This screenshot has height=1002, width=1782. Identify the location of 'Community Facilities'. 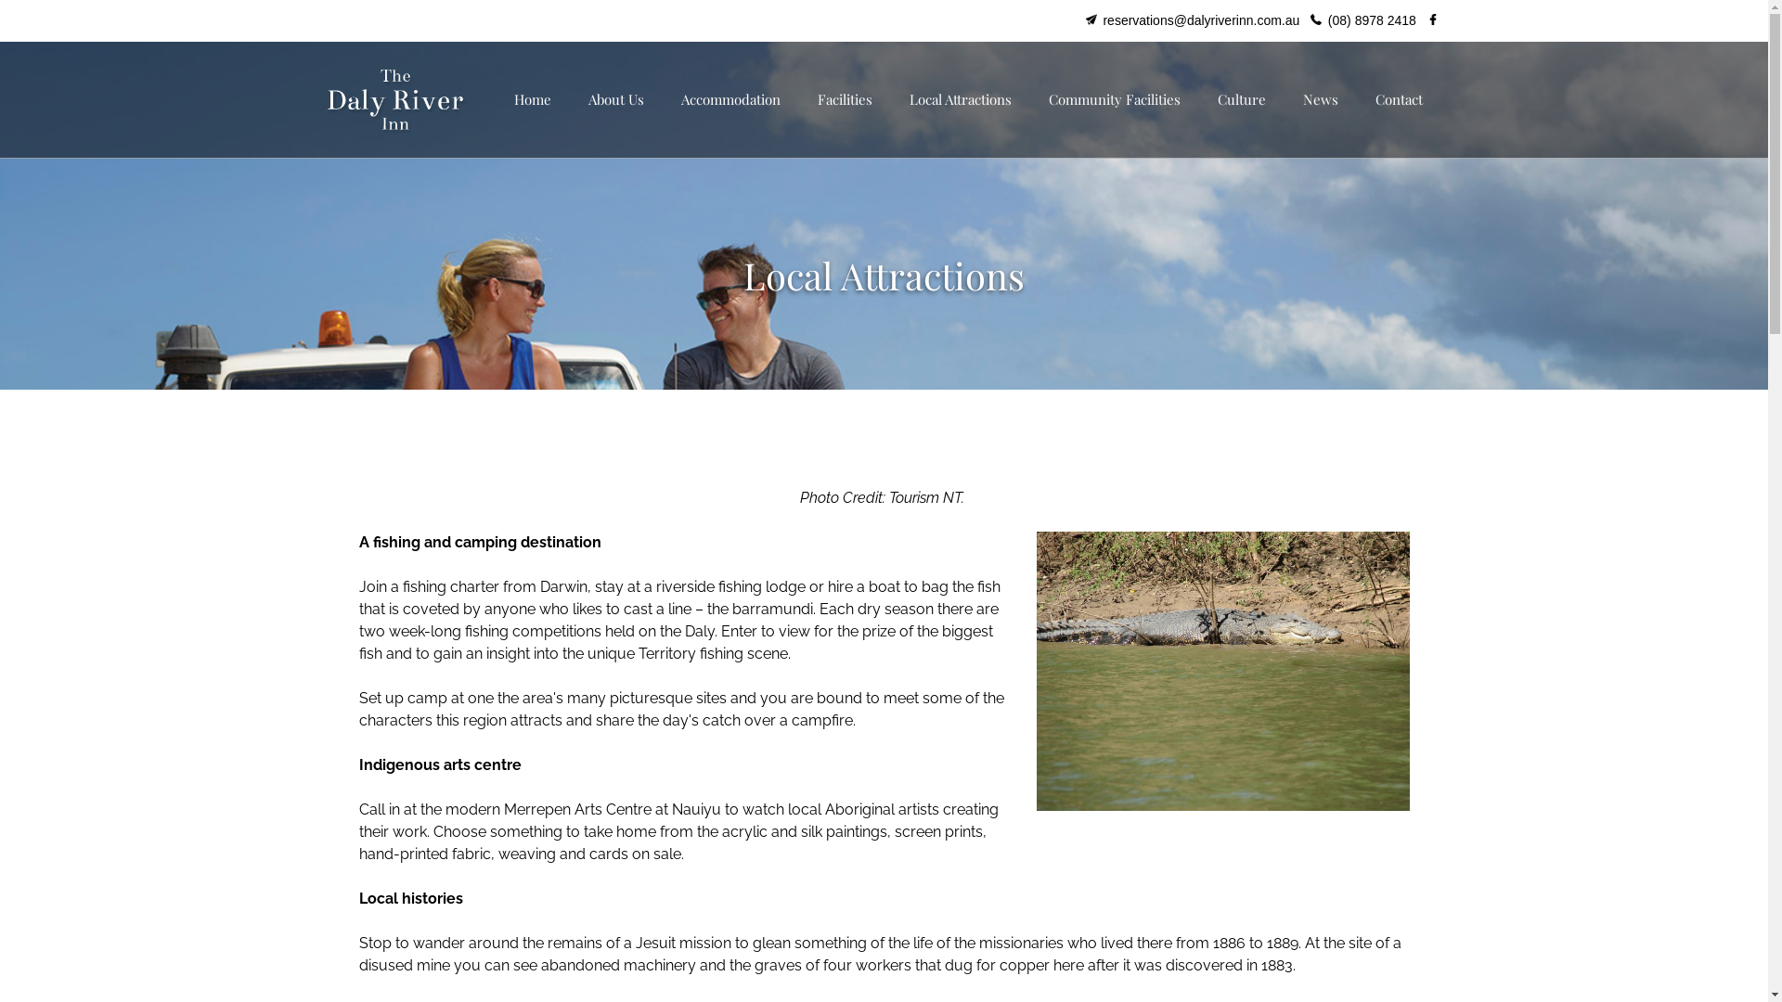
(1114, 99).